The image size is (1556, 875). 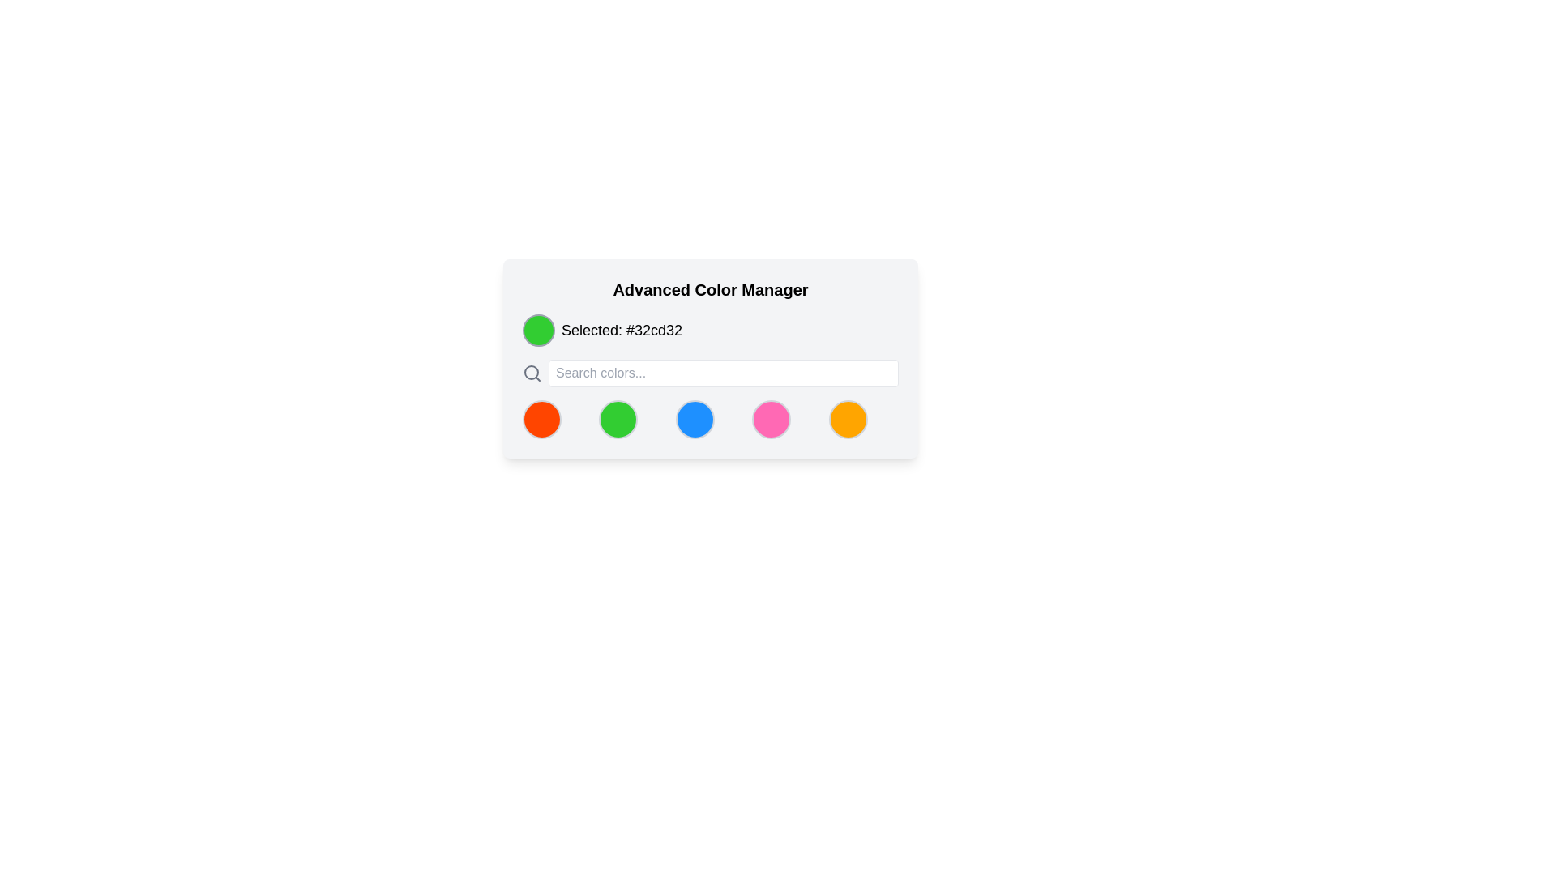 What do you see at coordinates (532, 373) in the screenshot?
I see `the search icon located to the left of the 'Search colors...' text input field in the top section of the application interface` at bounding box center [532, 373].